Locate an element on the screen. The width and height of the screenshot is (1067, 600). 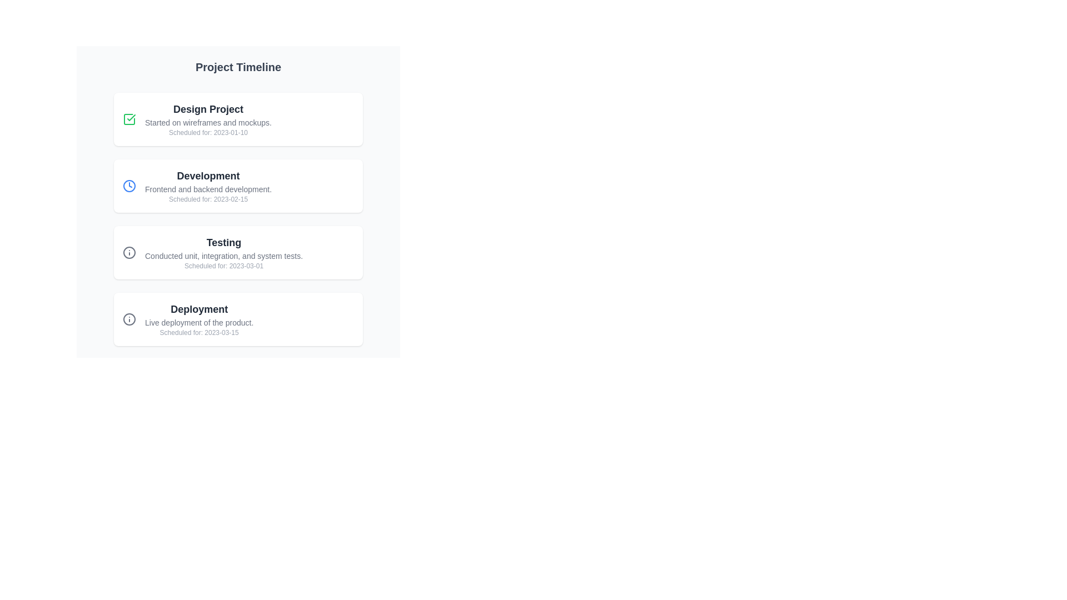
the informational display component that provides details about the 'Deployment' stage in the project timeline is located at coordinates (199, 319).